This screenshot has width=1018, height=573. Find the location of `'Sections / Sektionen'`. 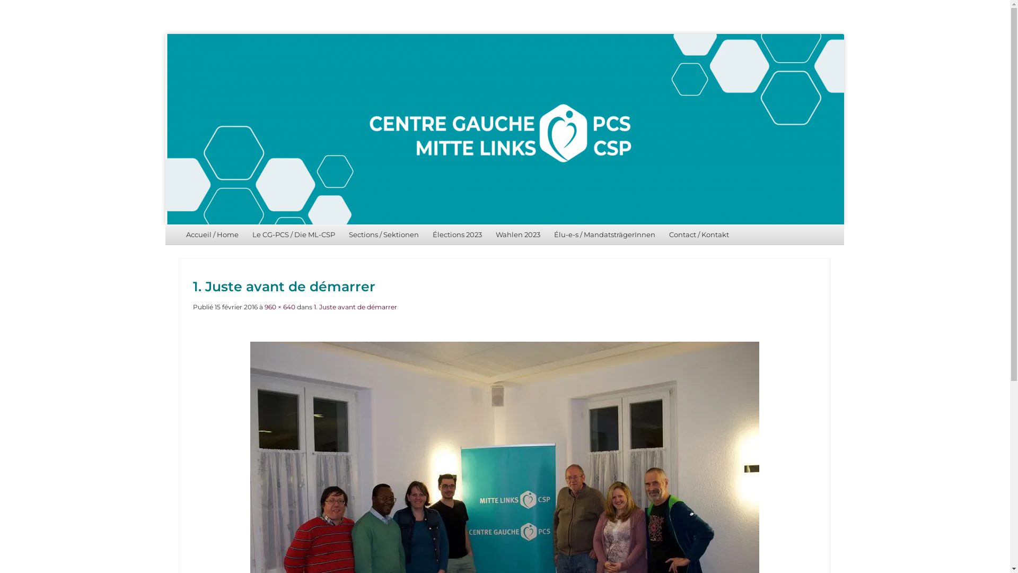

'Sections / Sektionen' is located at coordinates (383, 234).